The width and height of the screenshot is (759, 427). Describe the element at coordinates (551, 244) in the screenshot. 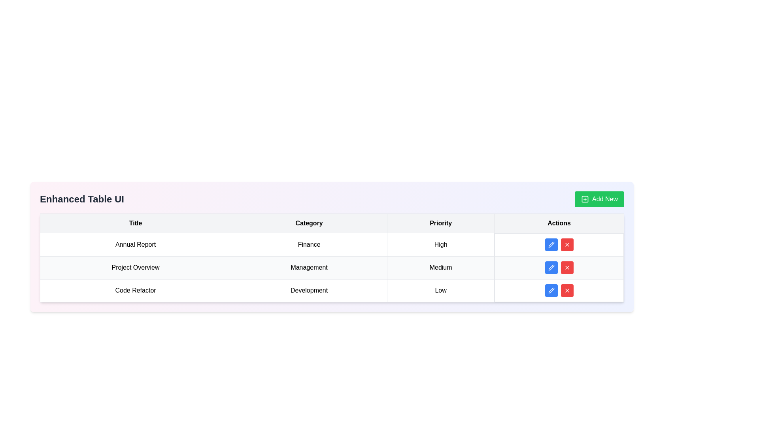

I see `the pencil icon button within the blue circular button located in the 'Actions' column of the 'Project Overview' row` at that location.